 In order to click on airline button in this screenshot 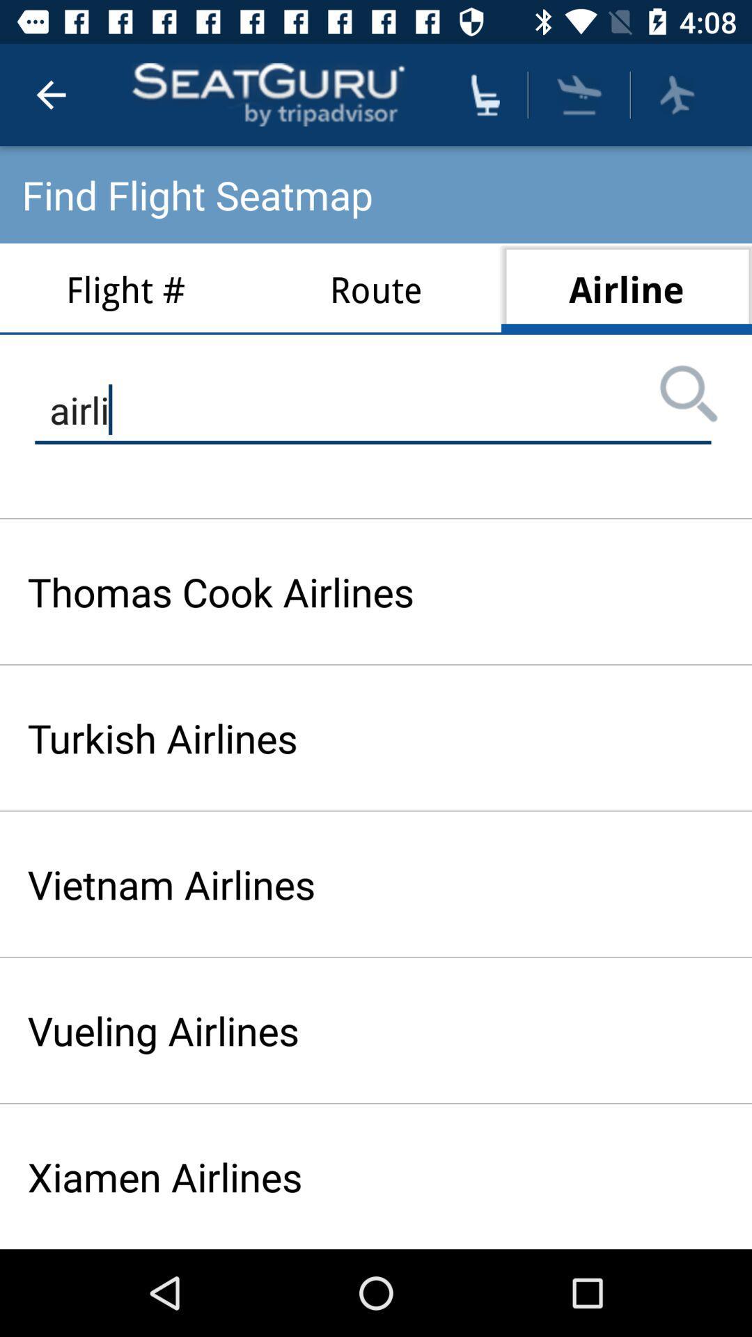, I will do `click(579, 94)`.